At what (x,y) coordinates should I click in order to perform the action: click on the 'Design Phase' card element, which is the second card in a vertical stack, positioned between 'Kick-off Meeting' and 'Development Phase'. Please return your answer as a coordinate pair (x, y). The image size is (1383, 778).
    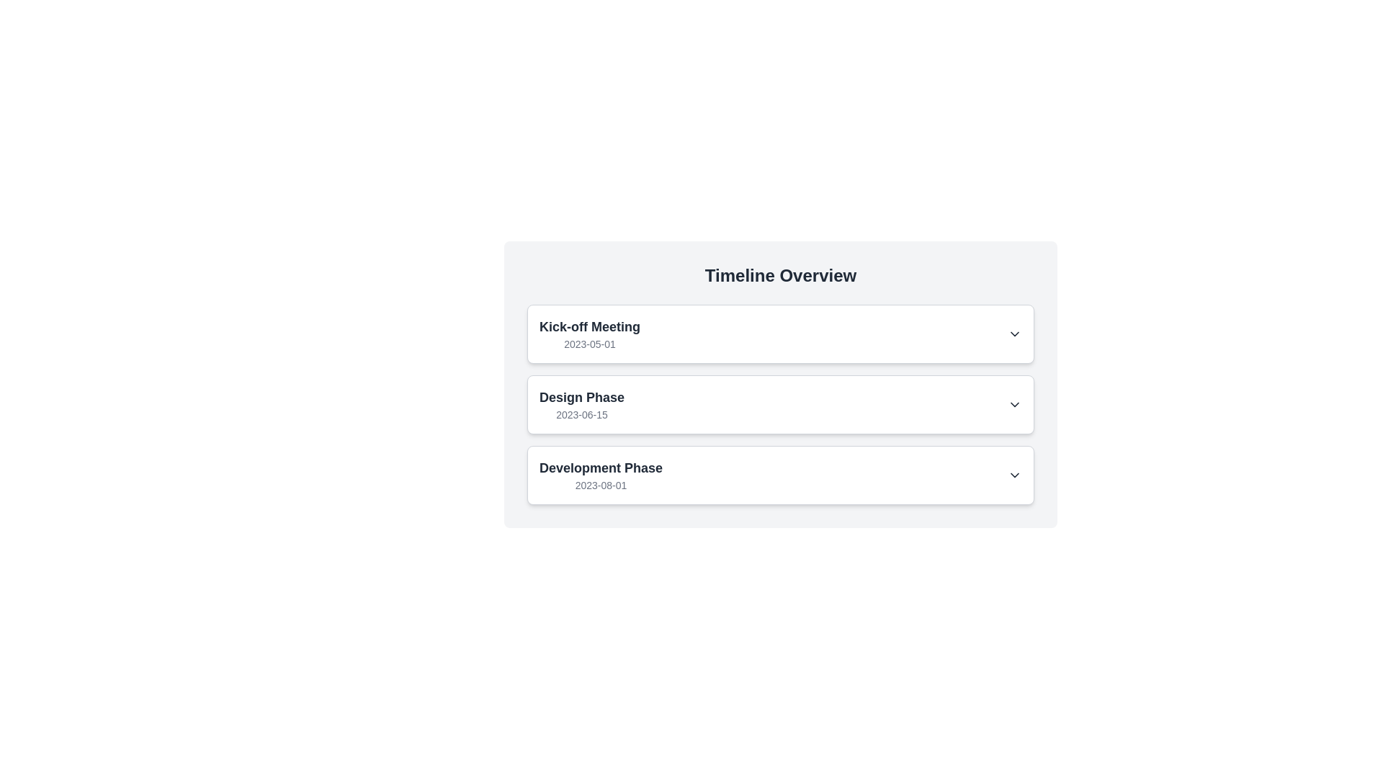
    Looking at the image, I should click on (780, 405).